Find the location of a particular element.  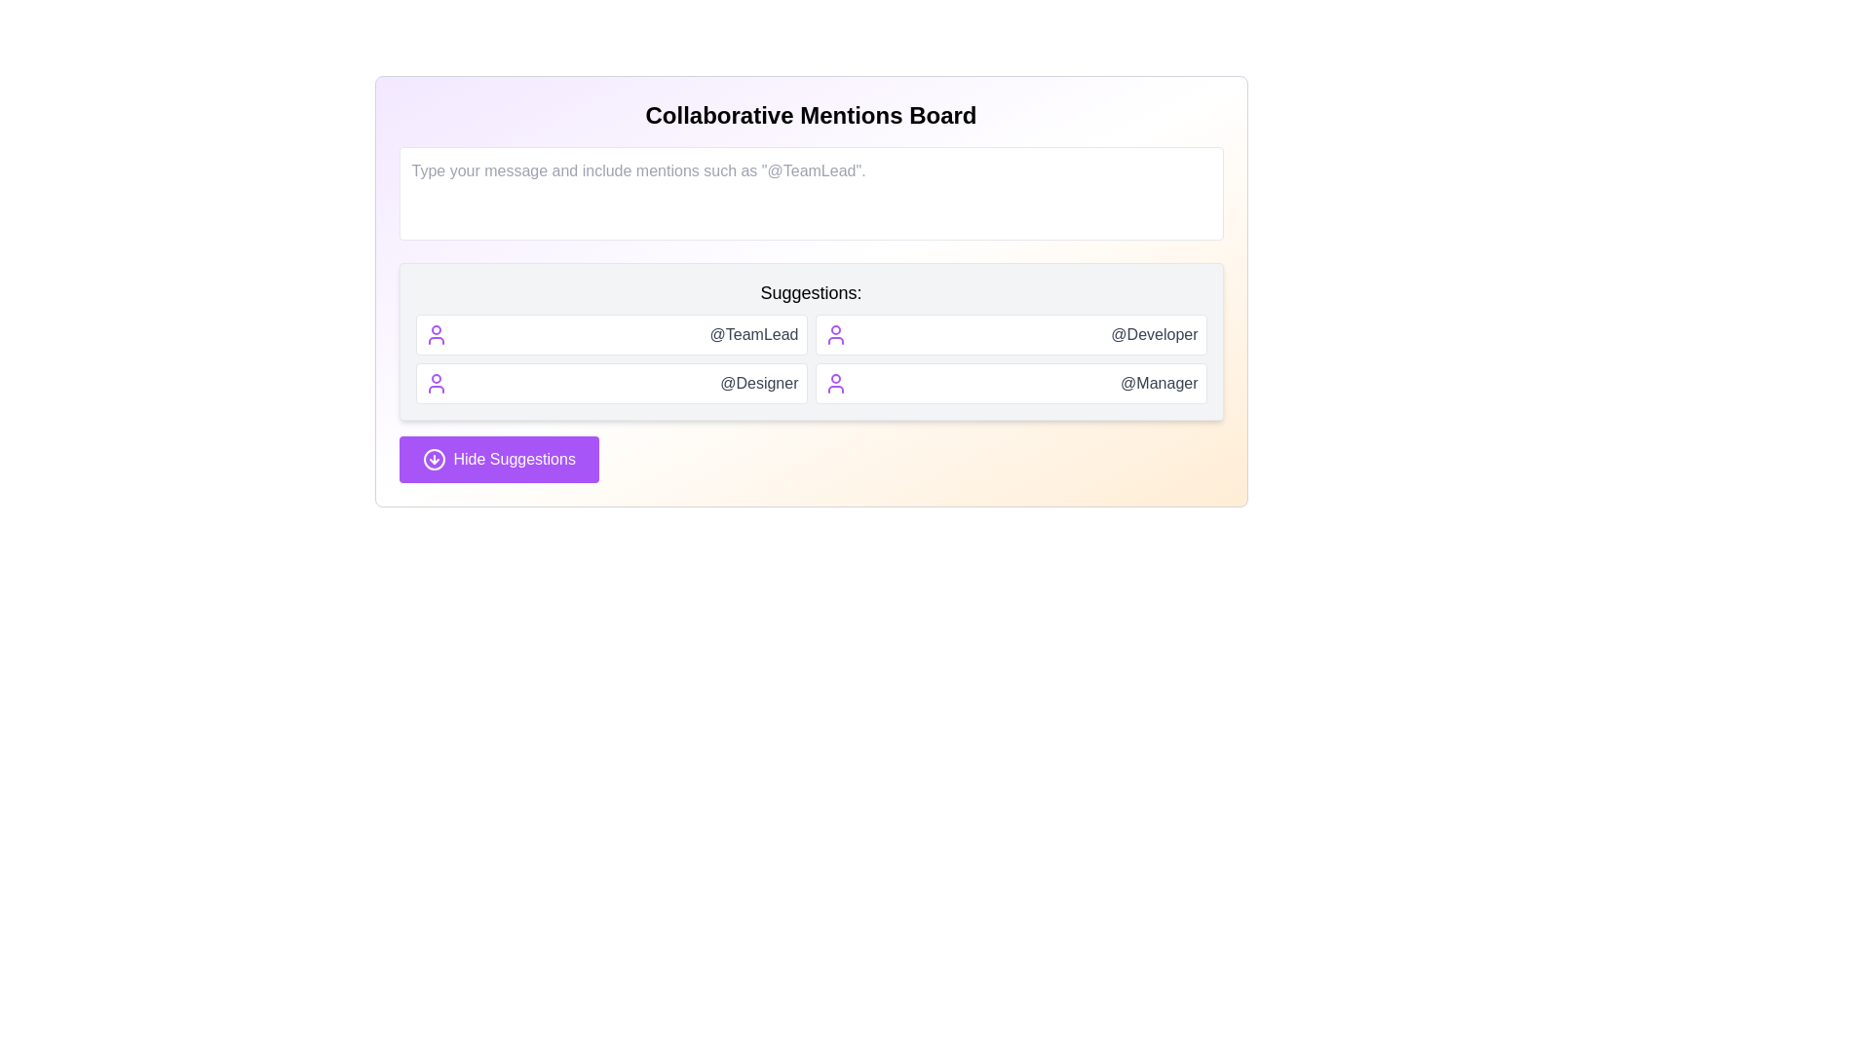

the user profile icon representing '@Designer' in the 'Suggestions' section, which features a purple color and a minimalistic design is located at coordinates (835, 383).